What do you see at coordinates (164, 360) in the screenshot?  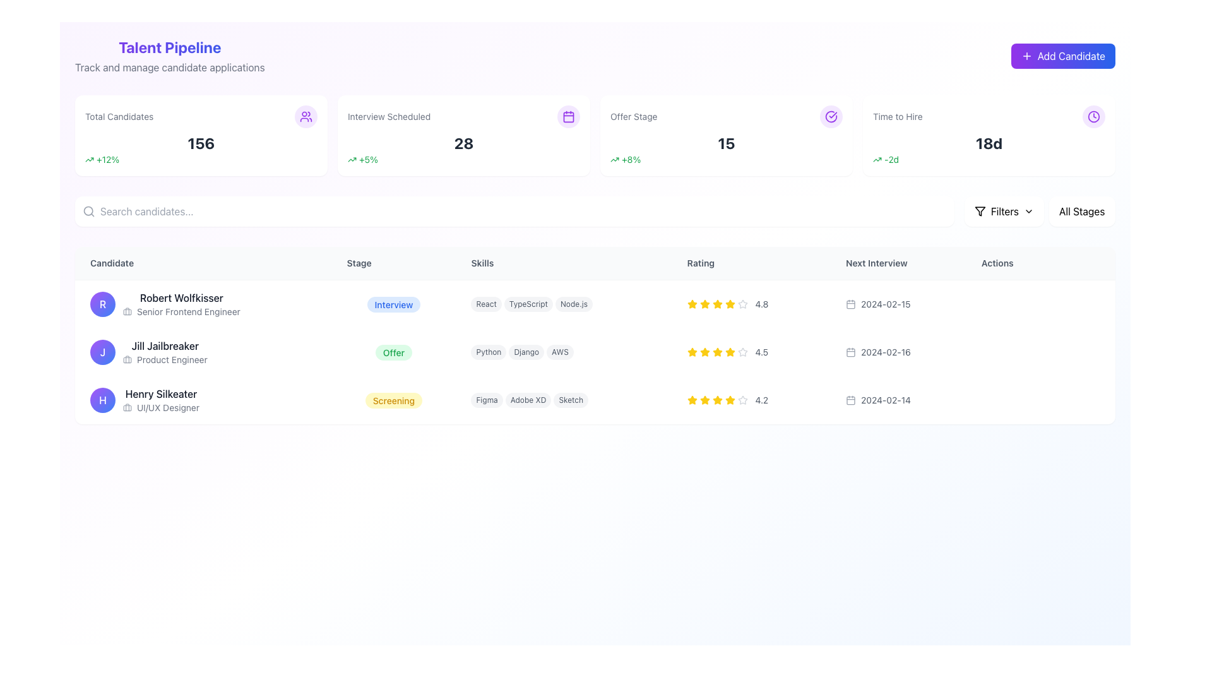 I see `the labeled text indicating the job title of candidate 'Jill Jailbreaker', which is located in the second row of the 'Candidate' column in a tabular format, directly below the candidate's name` at bounding box center [164, 360].